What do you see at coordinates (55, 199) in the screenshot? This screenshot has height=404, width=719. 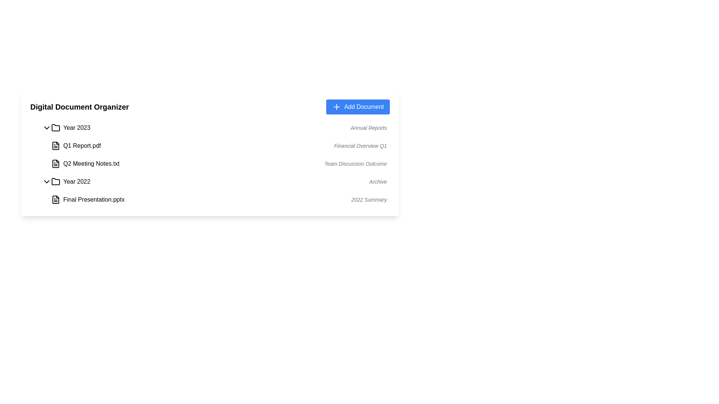 I see `the document icon resembling a folded corner, located at the extreme left of the row labeled 'Final Presentation.pptx - 2022 Summary'` at bounding box center [55, 199].